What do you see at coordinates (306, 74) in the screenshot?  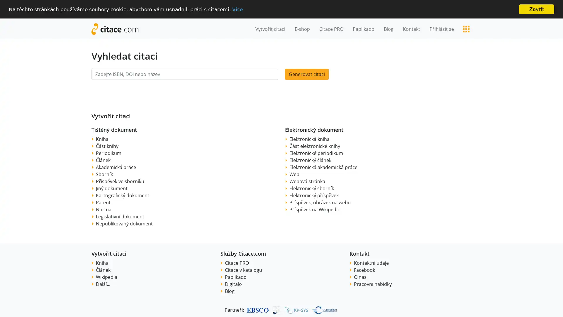 I see `Generovat citaci` at bounding box center [306, 74].